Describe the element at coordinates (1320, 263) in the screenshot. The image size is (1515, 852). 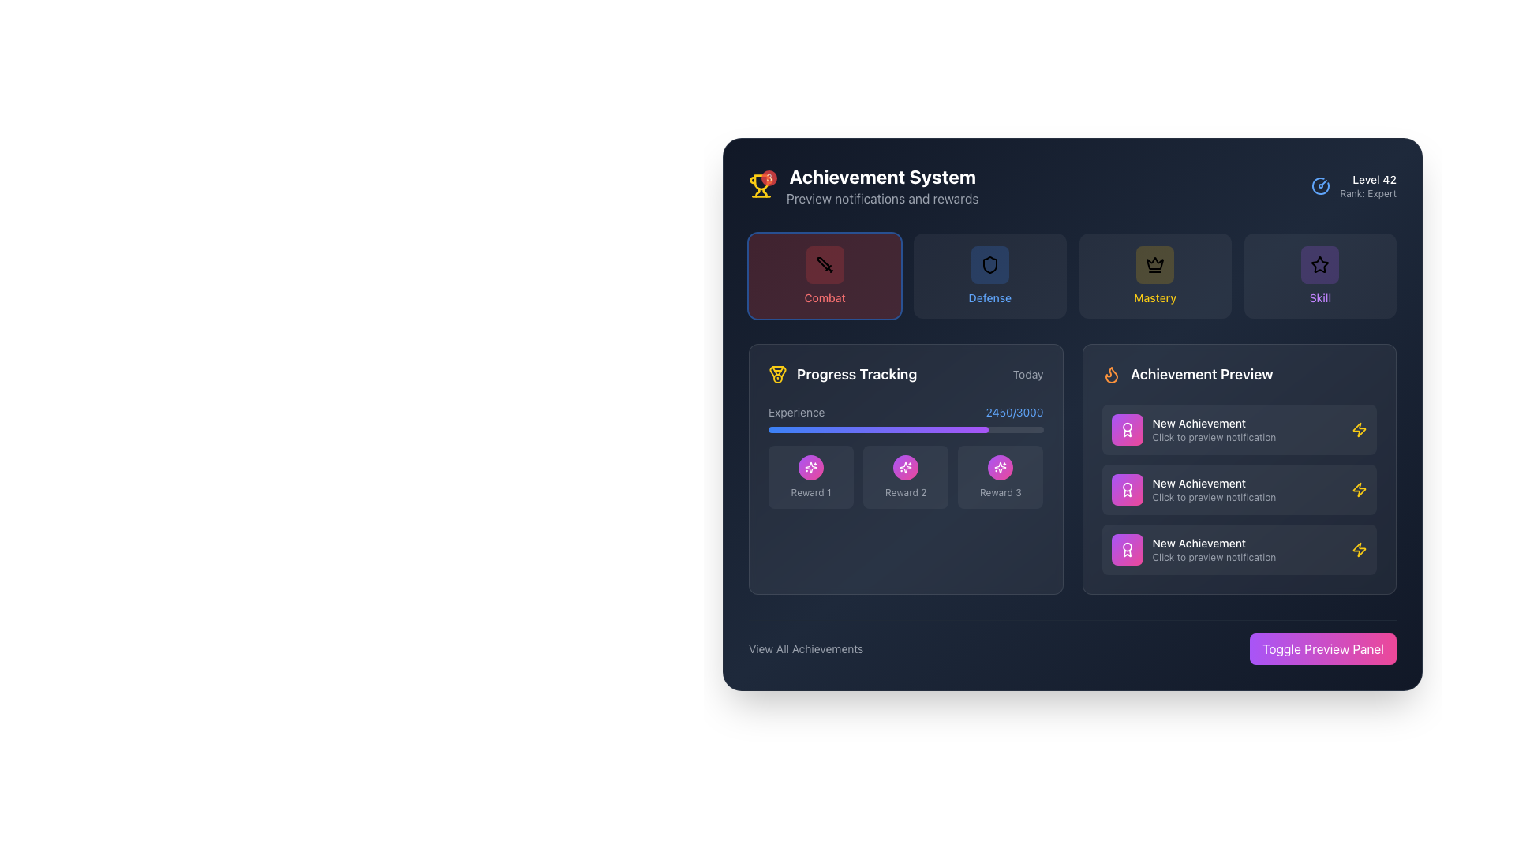
I see `the star icon in the top-right quadrant of the interface, which represents a specific skill or achievement category, to visually identify the associated section` at that location.